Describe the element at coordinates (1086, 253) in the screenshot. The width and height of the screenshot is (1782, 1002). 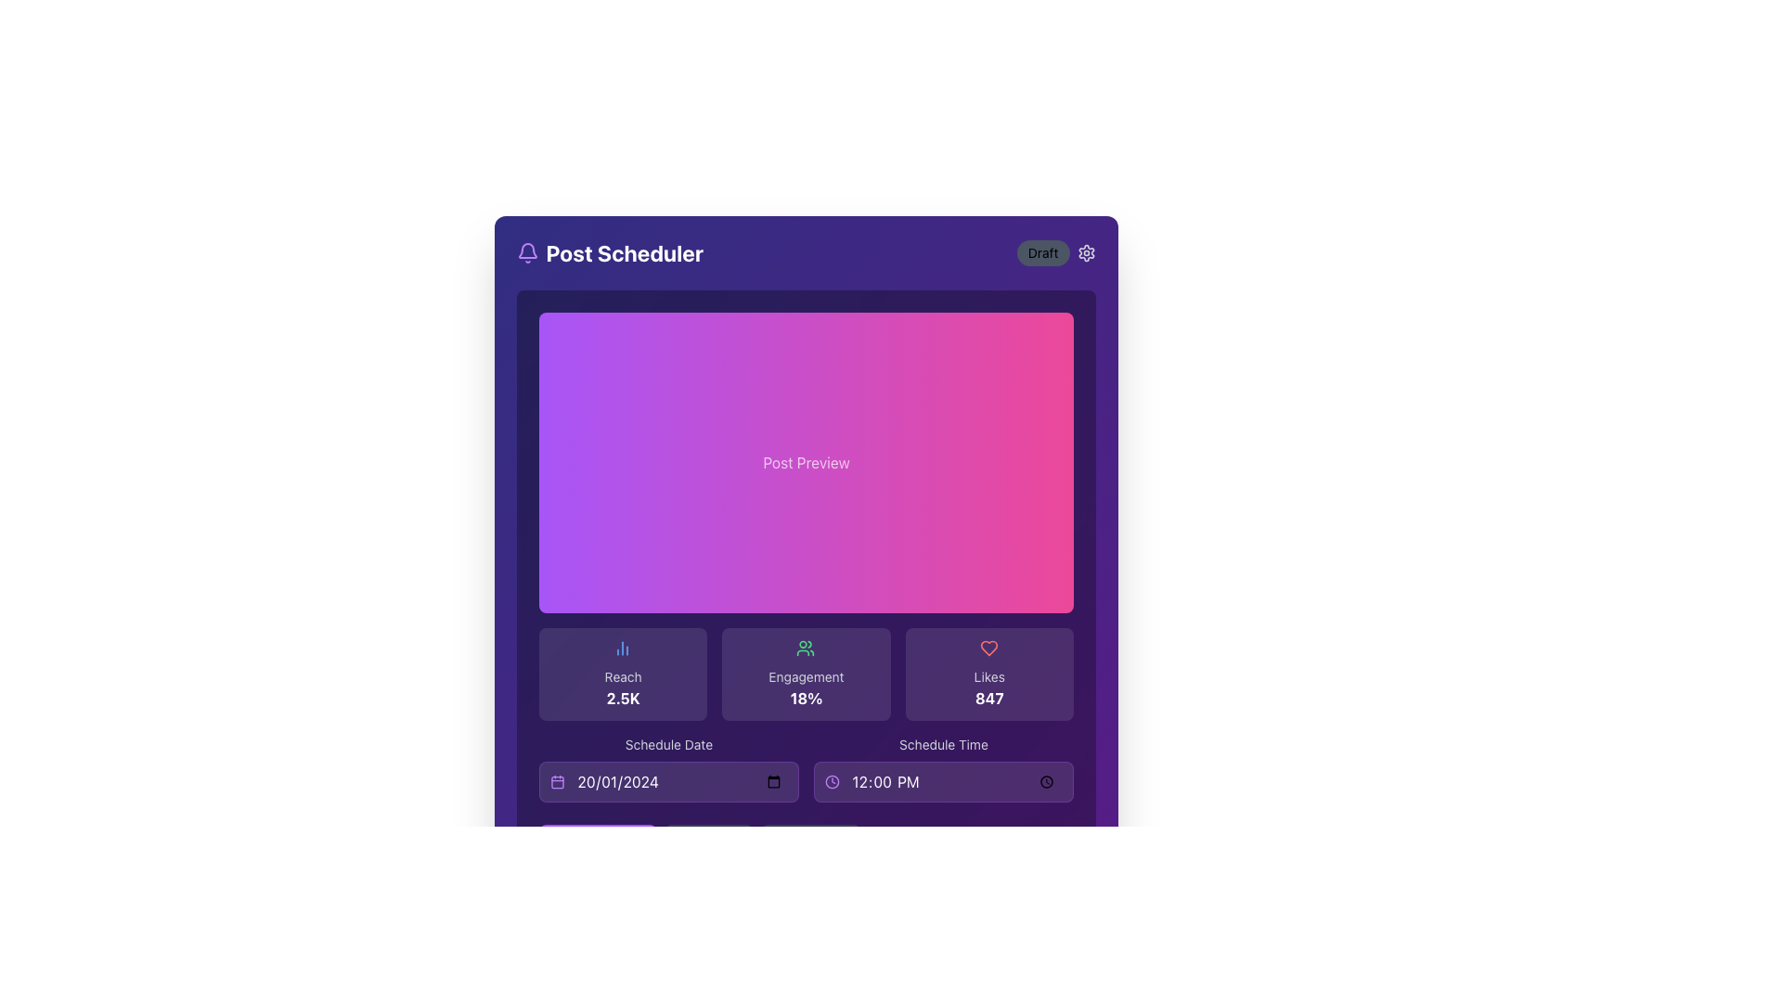
I see `the gear-shaped settings icon located in the upper right corner of the panel` at that location.